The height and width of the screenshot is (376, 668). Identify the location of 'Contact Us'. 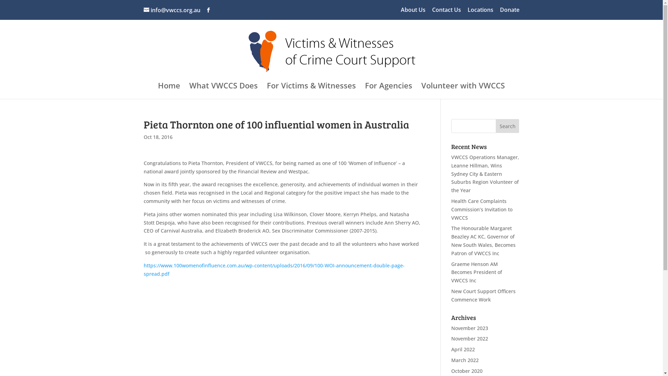
(446, 12).